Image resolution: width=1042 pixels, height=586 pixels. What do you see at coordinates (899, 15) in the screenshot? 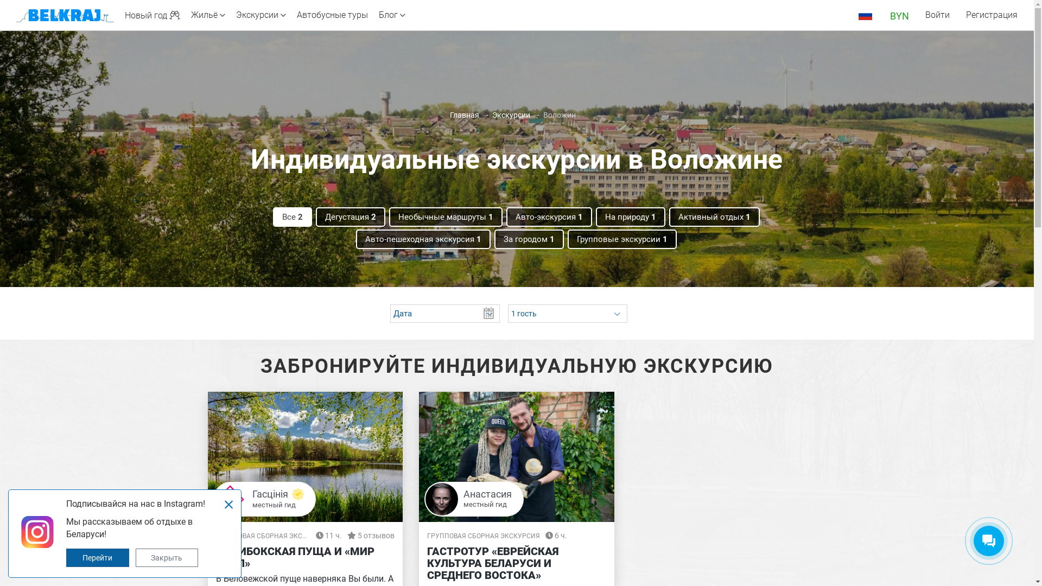
I see `'BYN'` at bounding box center [899, 15].